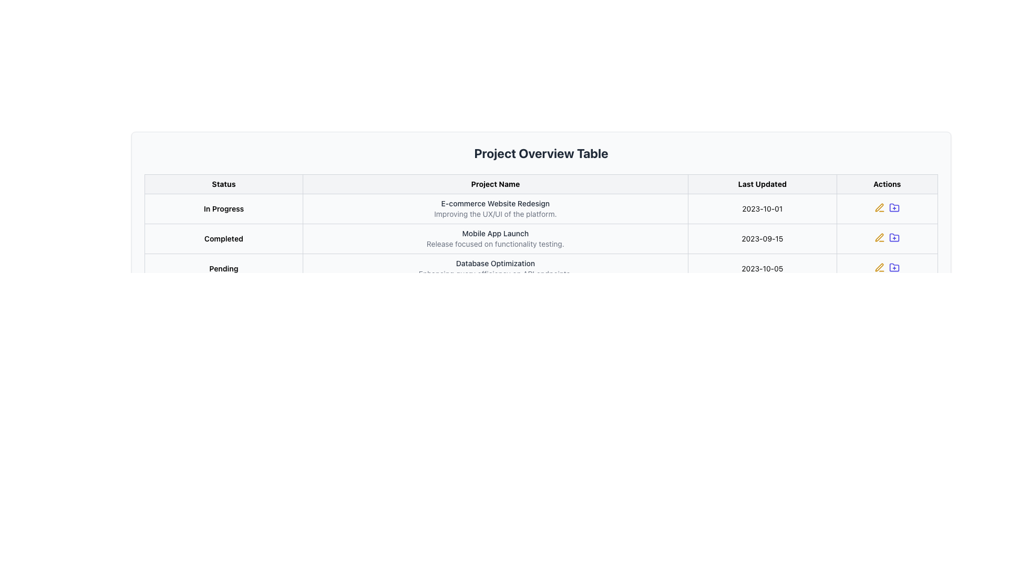 The height and width of the screenshot is (567, 1009). Describe the element at coordinates (495, 273) in the screenshot. I see `text label that contains 'Enhancing query efficiency on API endpoints.' which is styled in gray and positioned below the main title 'Database Optimization.'` at that location.